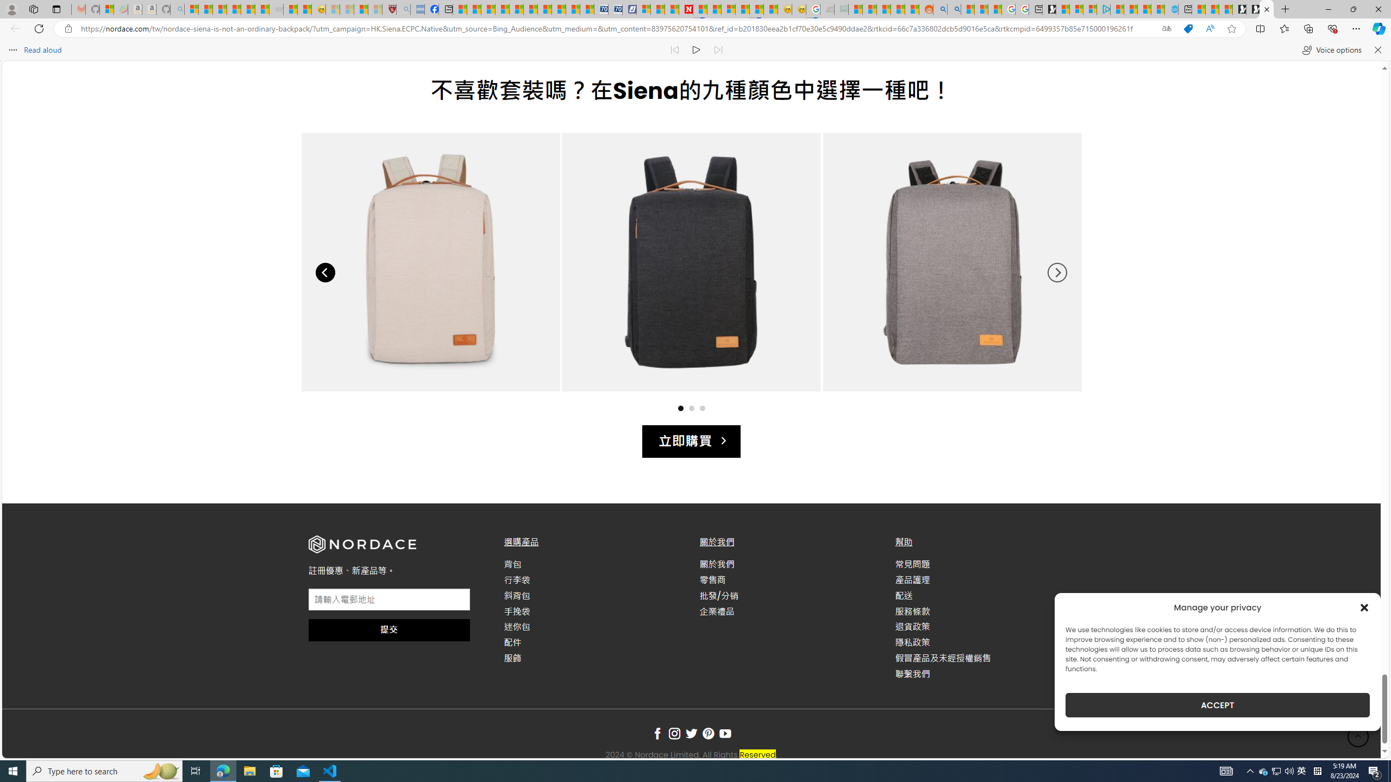 The height and width of the screenshot is (782, 1391). Describe the element at coordinates (55, 9) in the screenshot. I see `'Tab actions menu'` at that location.